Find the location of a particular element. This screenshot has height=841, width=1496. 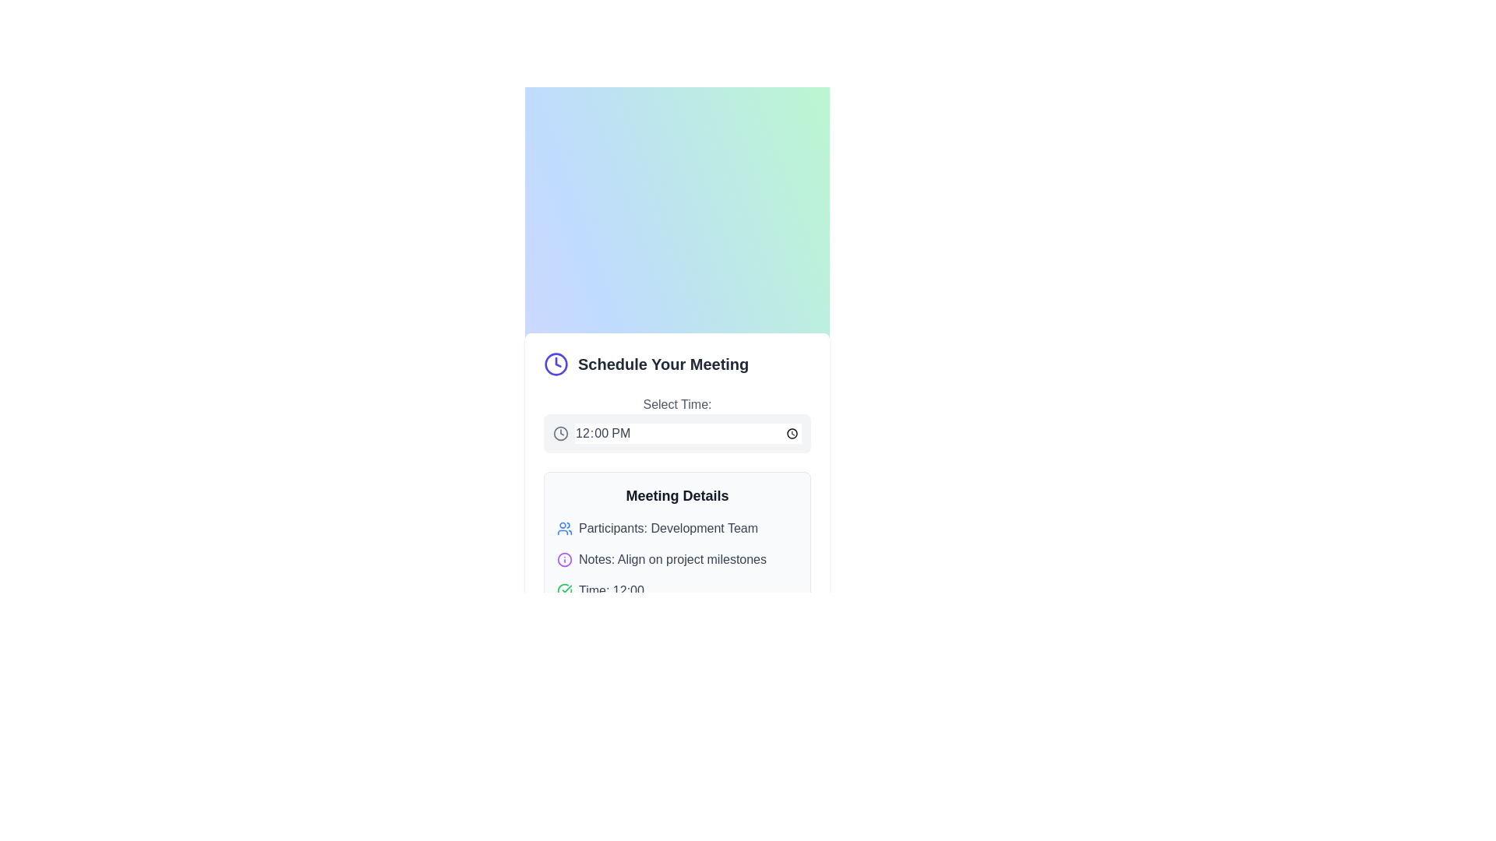

the circular element representing the border of the clock icon, located on the left side of the 'Schedule Your Meeting' header label is located at coordinates (561, 433).